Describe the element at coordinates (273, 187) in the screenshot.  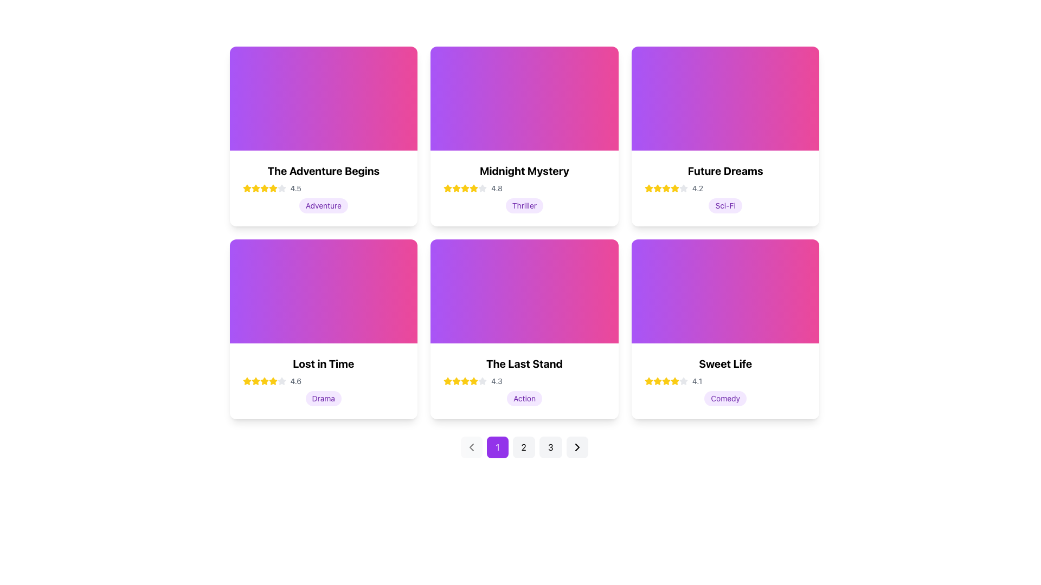
I see `the yellow star icon which is the second in a row of five star icons, located below the title 'The Adventure Begins' and to the left of the numeric rating text '4.5'` at that location.